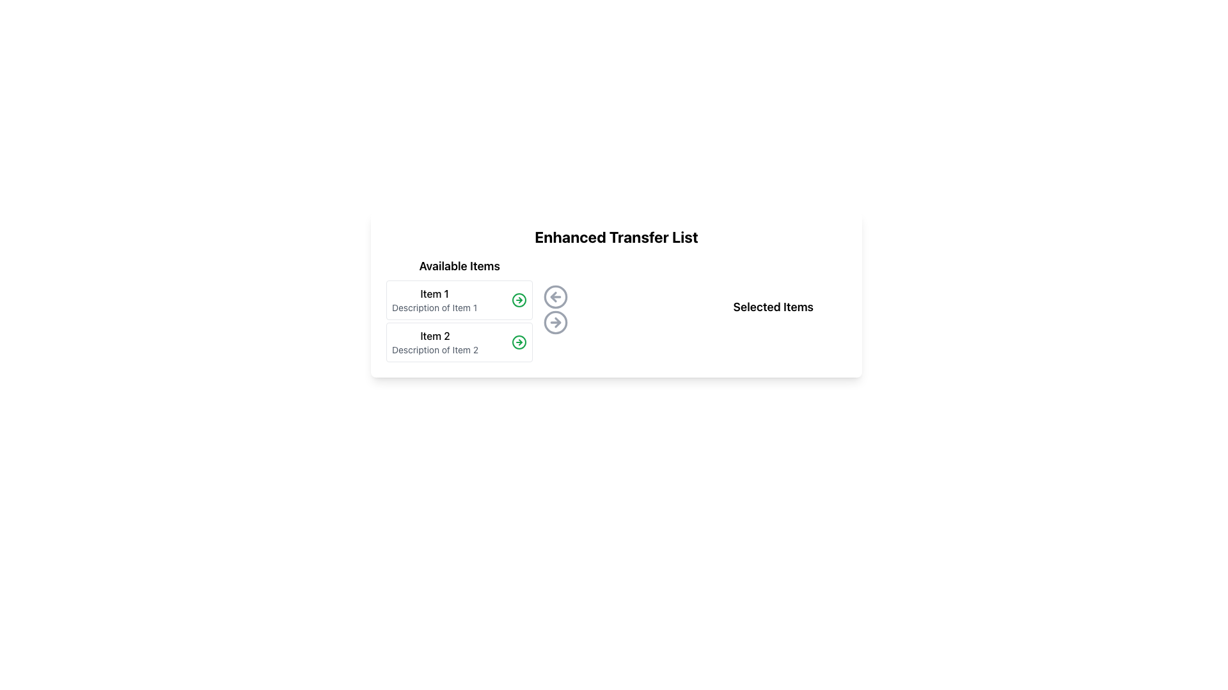 This screenshot has width=1228, height=690. Describe the element at coordinates (556, 297) in the screenshot. I see `the circular border element which is part of the navigational button for moving items between 'Available Items' and 'Selected Items', located below the 'Enhanced Transfer List' heading` at that location.